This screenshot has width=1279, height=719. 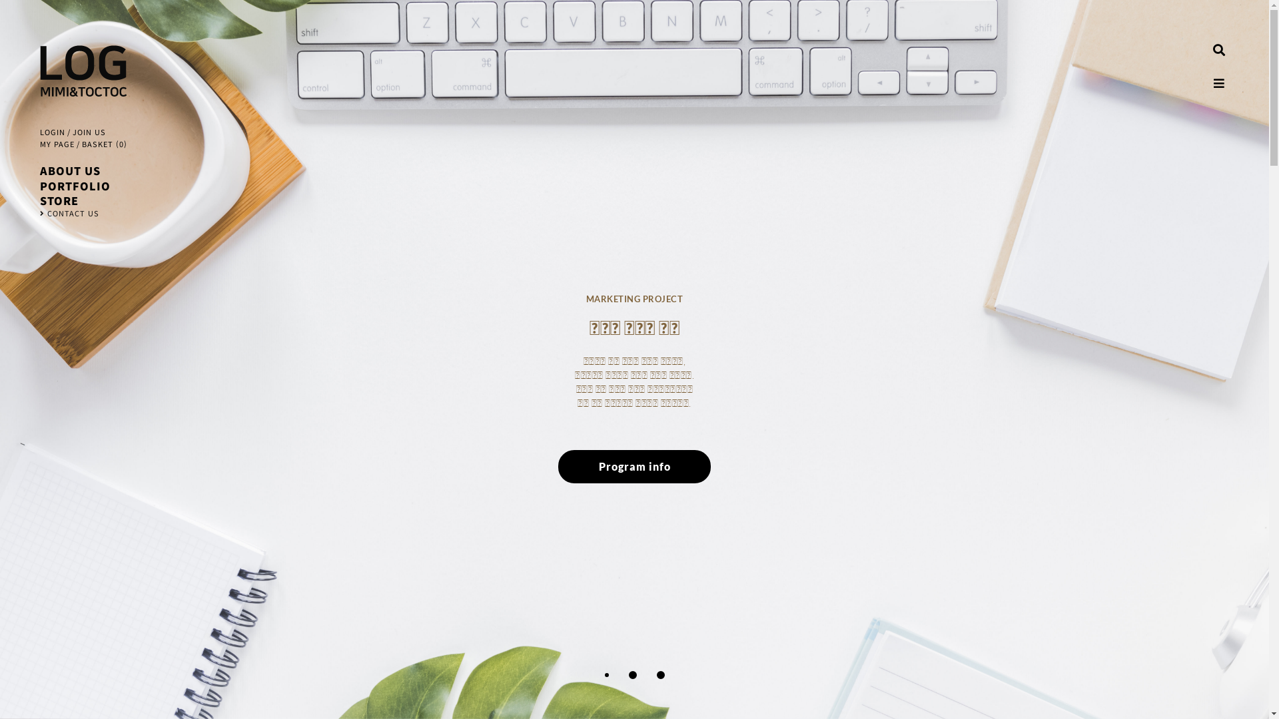 I want to click on 'PORTFOLIO', so click(x=82, y=185).